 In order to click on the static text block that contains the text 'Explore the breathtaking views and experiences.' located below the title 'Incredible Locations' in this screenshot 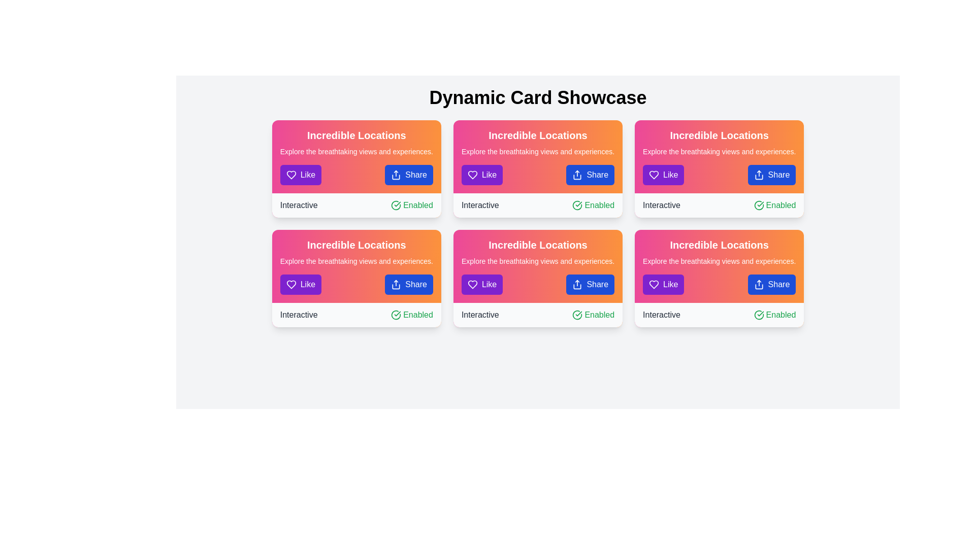, I will do `click(719, 152)`.